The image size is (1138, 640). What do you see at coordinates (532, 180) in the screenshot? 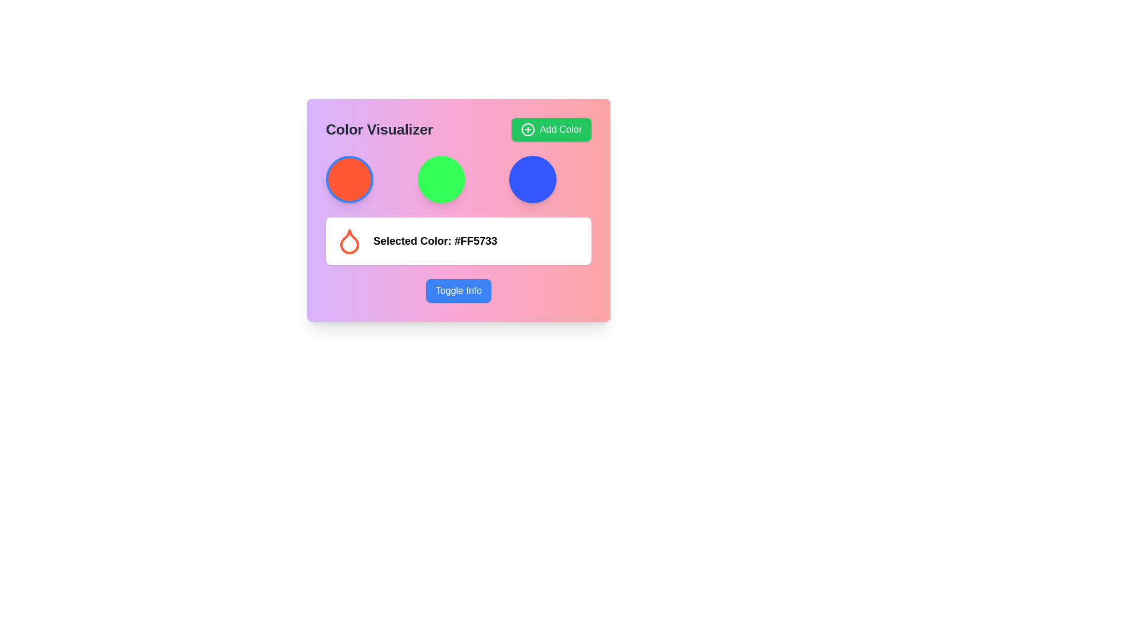
I see `the selectable circular color option button, which is the third item in a row of three circles, to trigger visual effects` at bounding box center [532, 180].